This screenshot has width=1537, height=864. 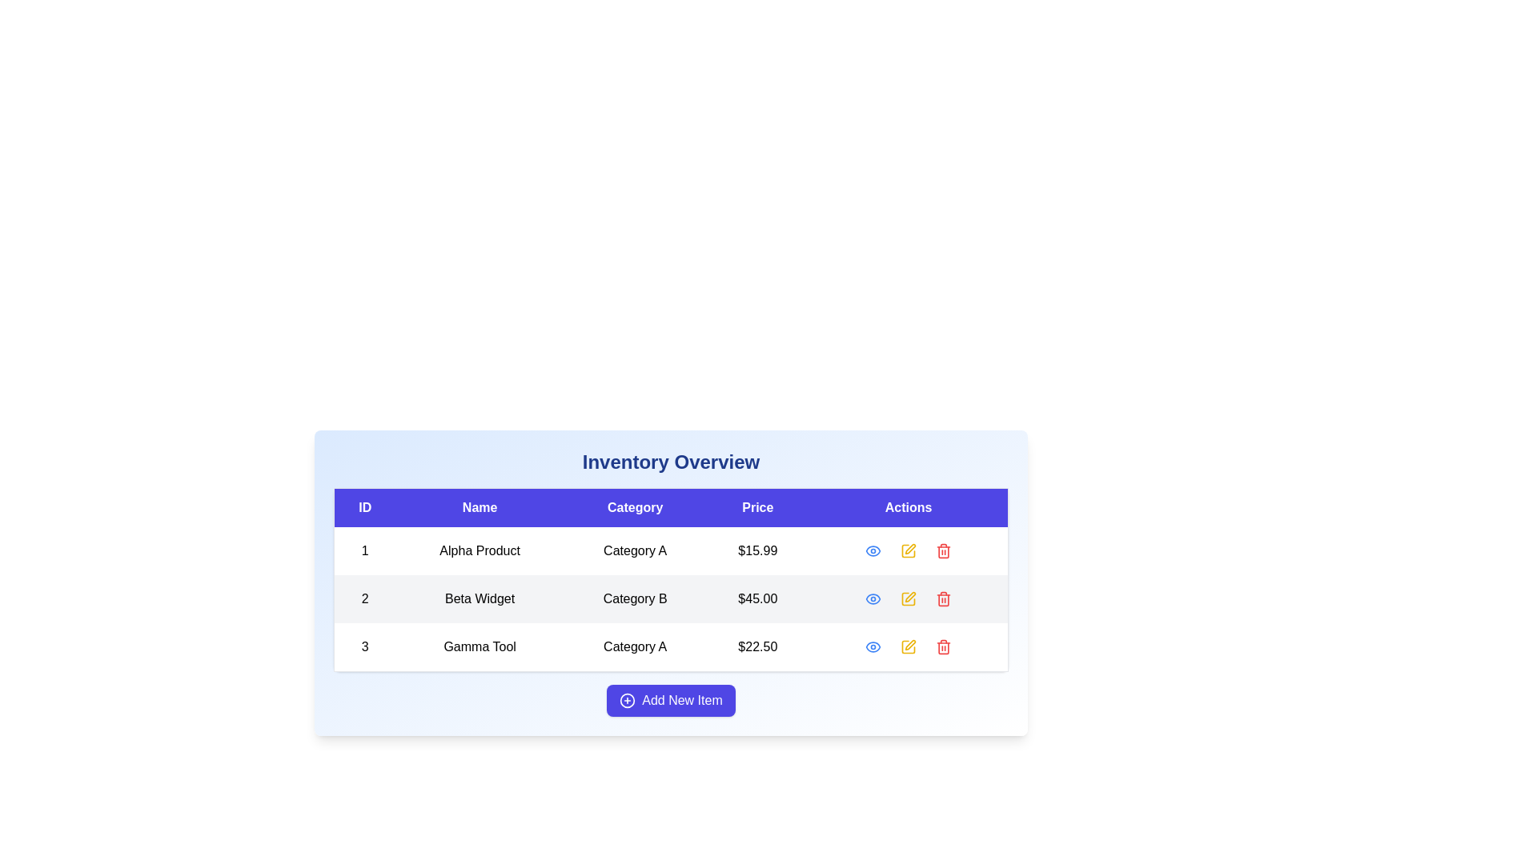 I want to click on the edit button in the 'Actions' column of the first row in the inventory table to observe hover effects, so click(x=909, y=550).